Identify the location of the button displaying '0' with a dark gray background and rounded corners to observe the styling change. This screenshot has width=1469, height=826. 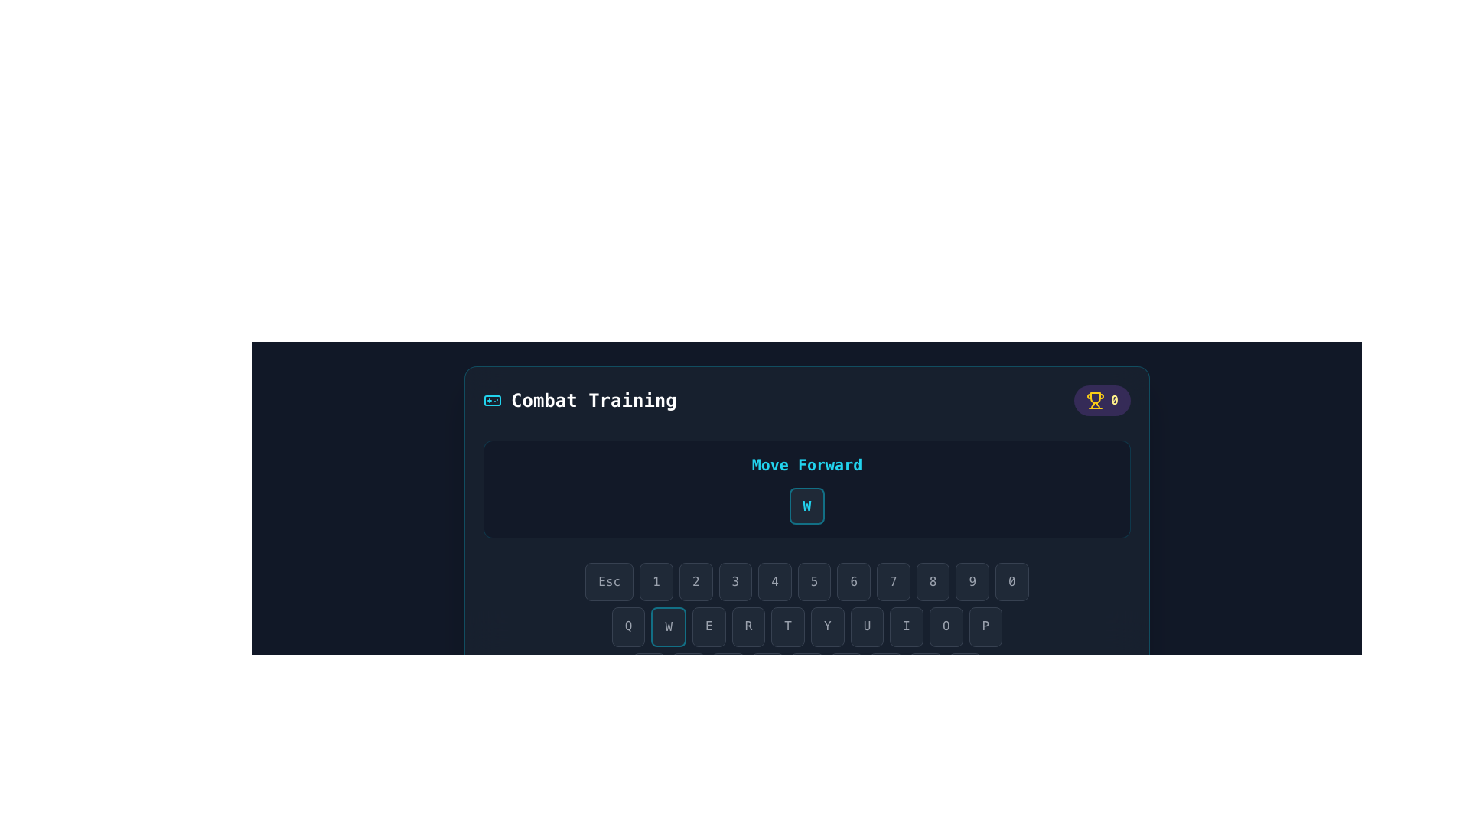
(1011, 581).